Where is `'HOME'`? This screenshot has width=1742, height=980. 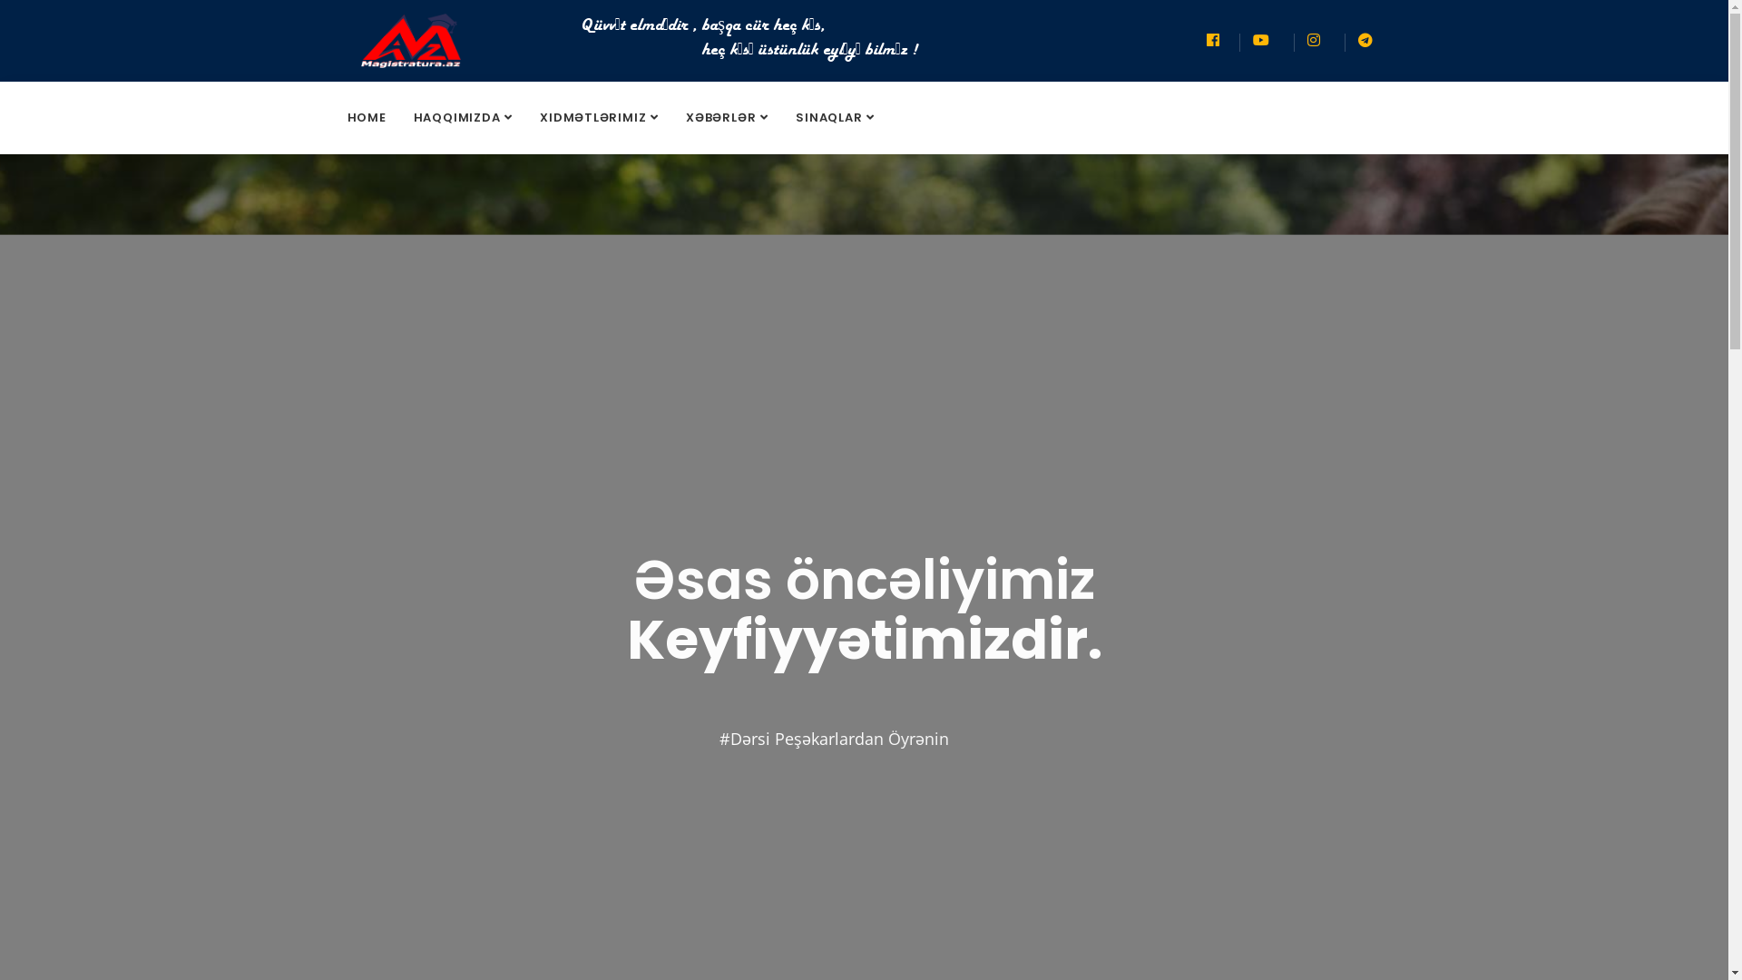
'HOME' is located at coordinates (366, 118).